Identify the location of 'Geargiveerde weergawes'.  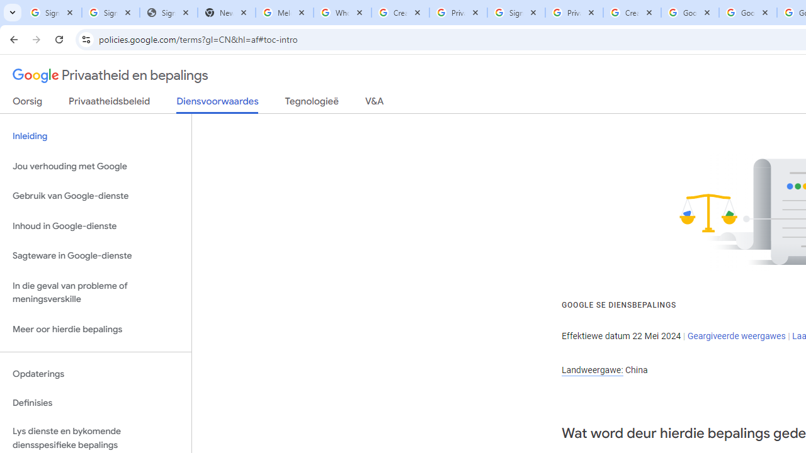
(736, 335).